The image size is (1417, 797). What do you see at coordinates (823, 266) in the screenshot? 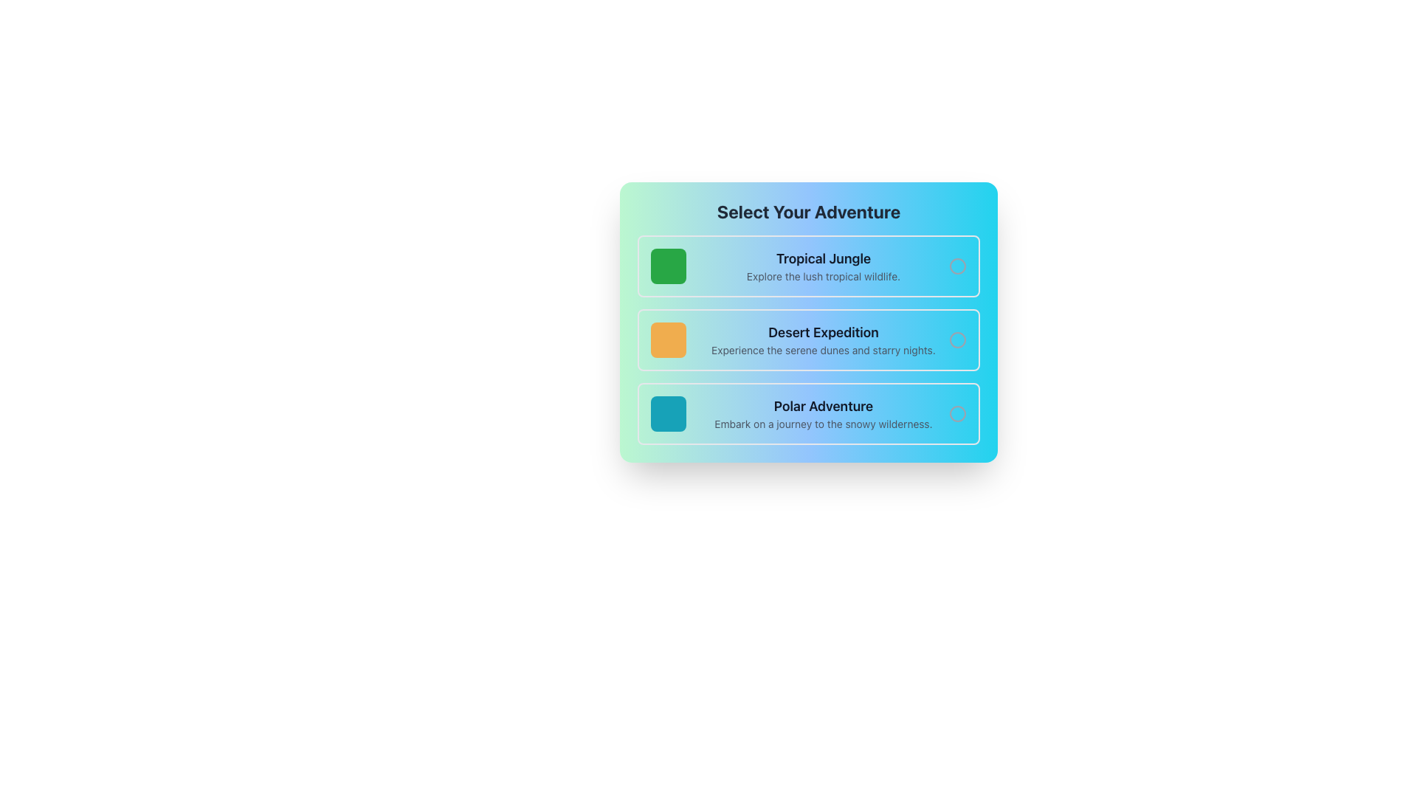
I see `textual content section that states 'Tropical Jungle' in bold and 'Explore the lush tropical wildlife' in smaller font, located centrally in a card-like selection panel` at bounding box center [823, 266].